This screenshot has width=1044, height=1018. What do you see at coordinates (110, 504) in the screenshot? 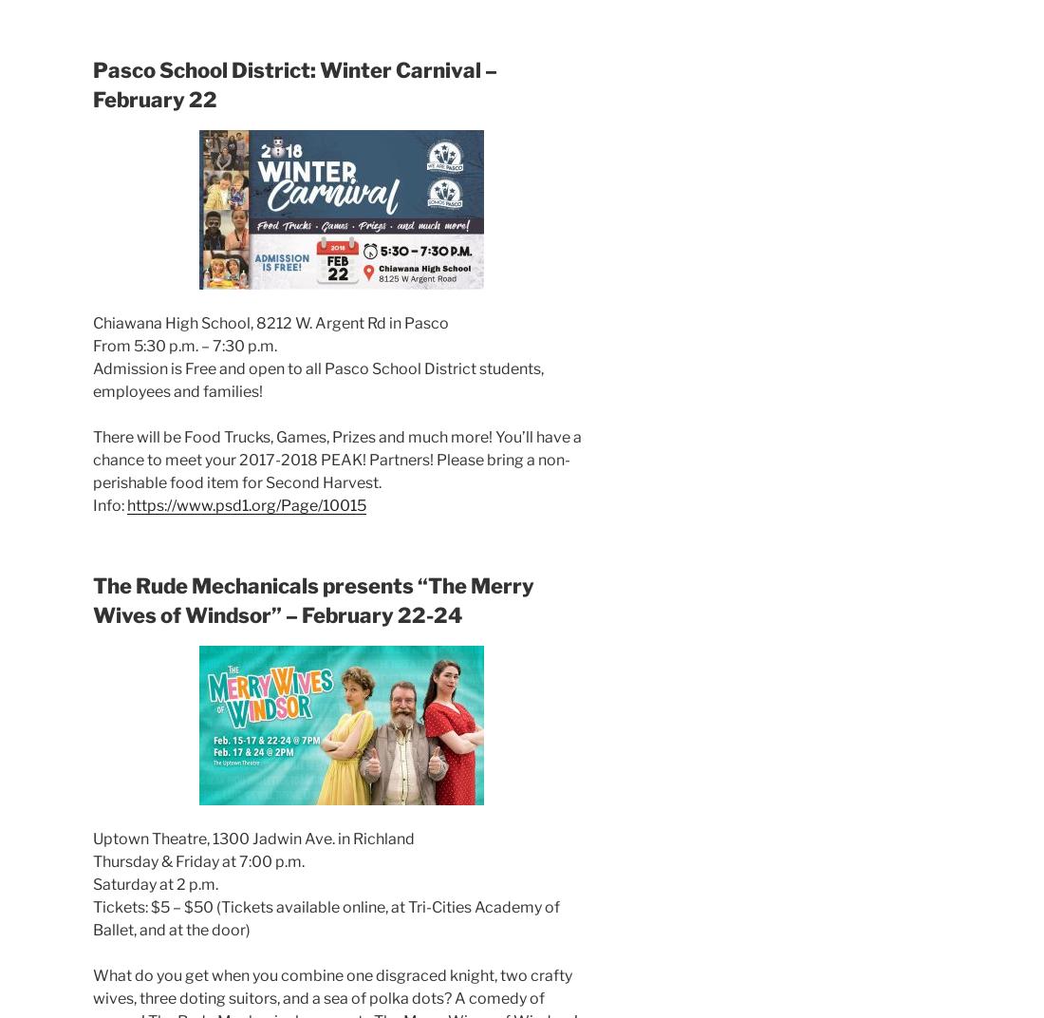
I see `'Info:'` at bounding box center [110, 504].